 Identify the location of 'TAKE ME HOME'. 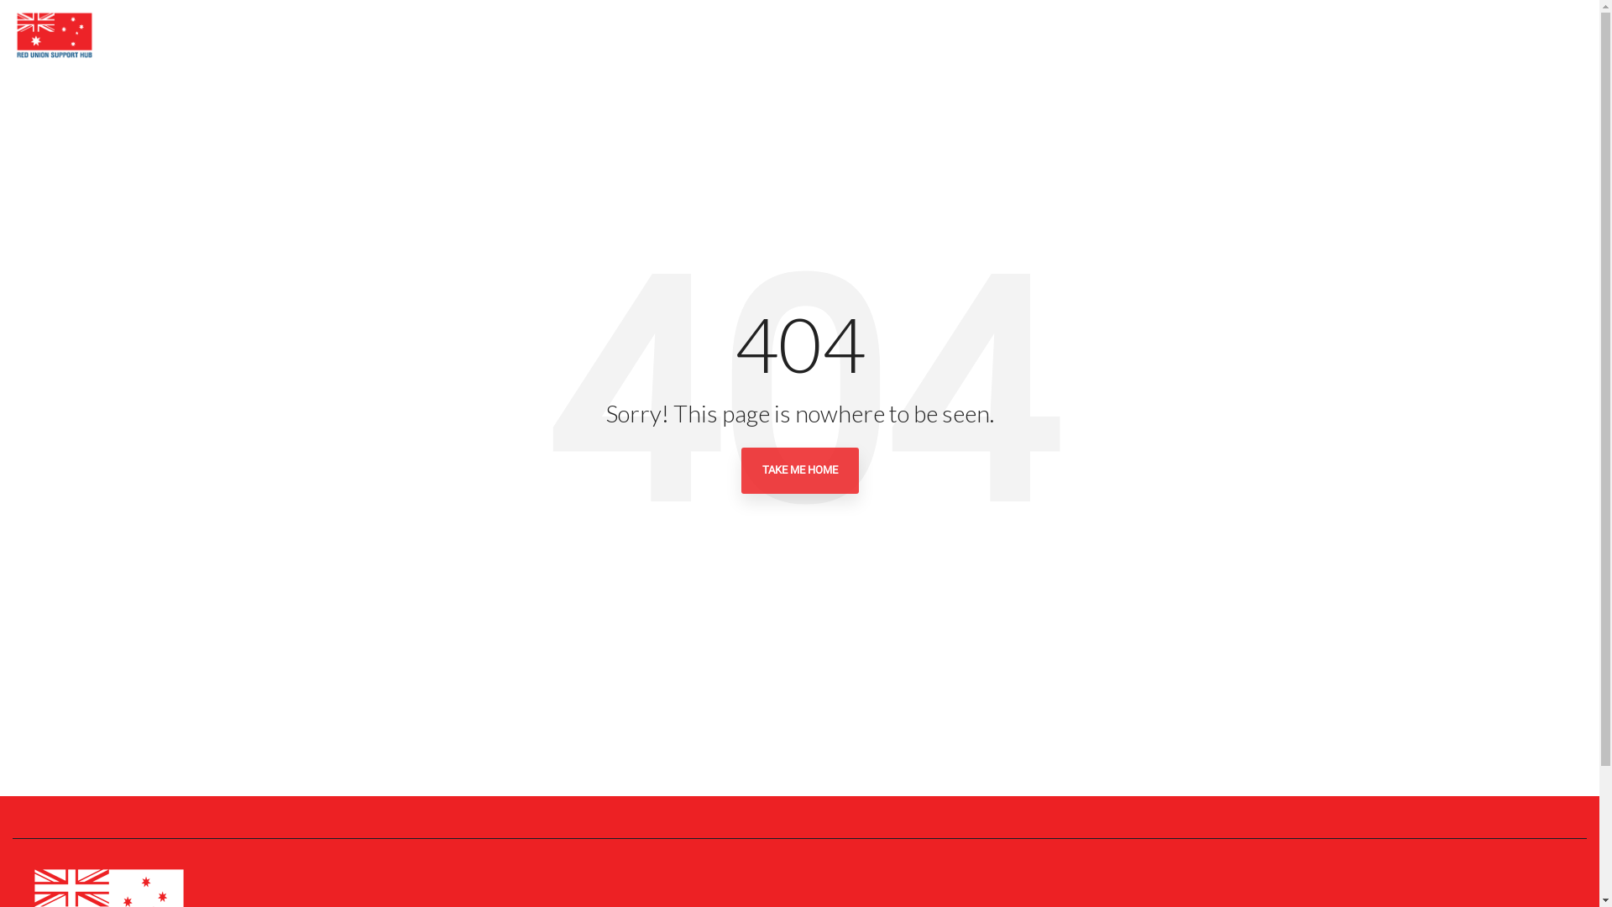
(798, 470).